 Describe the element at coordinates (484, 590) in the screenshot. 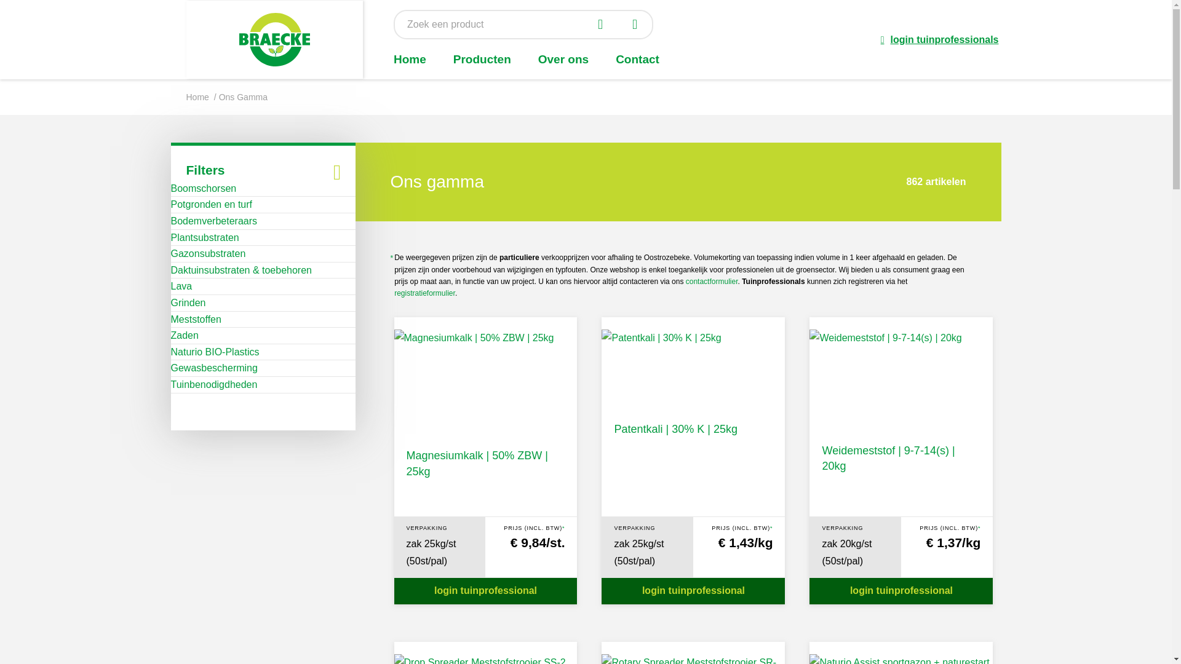

I see `'login tuinprofessional'` at that location.